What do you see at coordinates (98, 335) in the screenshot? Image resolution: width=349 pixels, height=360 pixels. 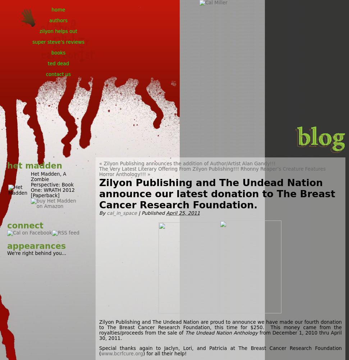 I see `'from December 1, 2010 thru April 30, 2011.'` at bounding box center [98, 335].